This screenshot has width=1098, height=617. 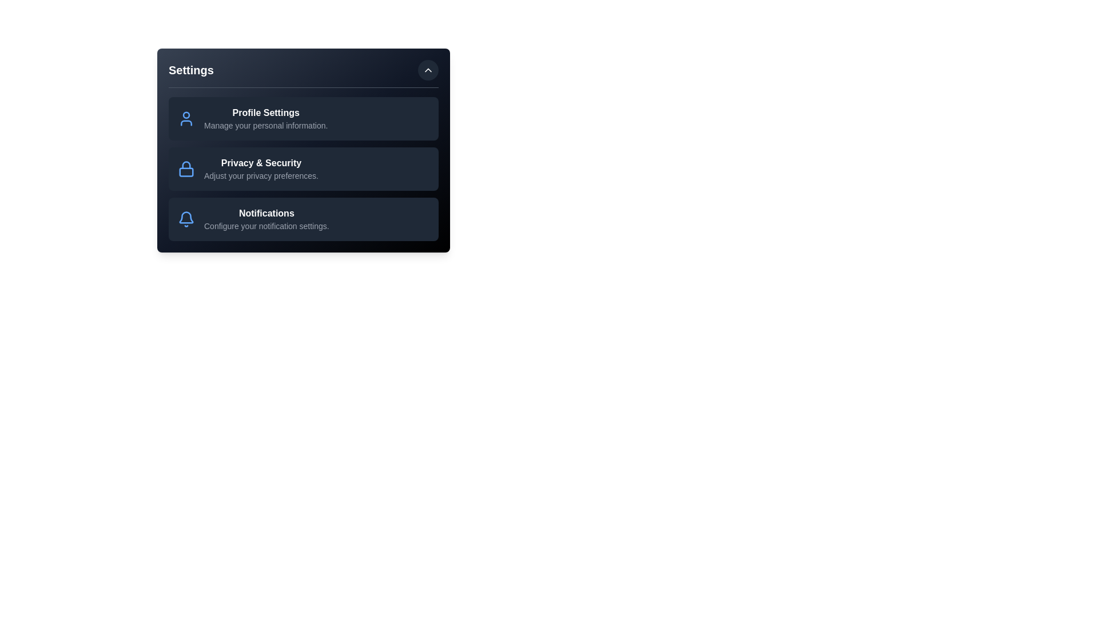 I want to click on the icon corresponding to Profile Settings to interact with it, so click(x=186, y=119).